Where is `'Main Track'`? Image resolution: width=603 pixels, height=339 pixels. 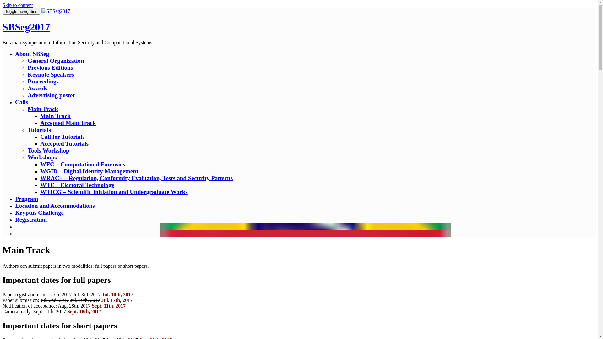 'Main Track' is located at coordinates (55, 116).